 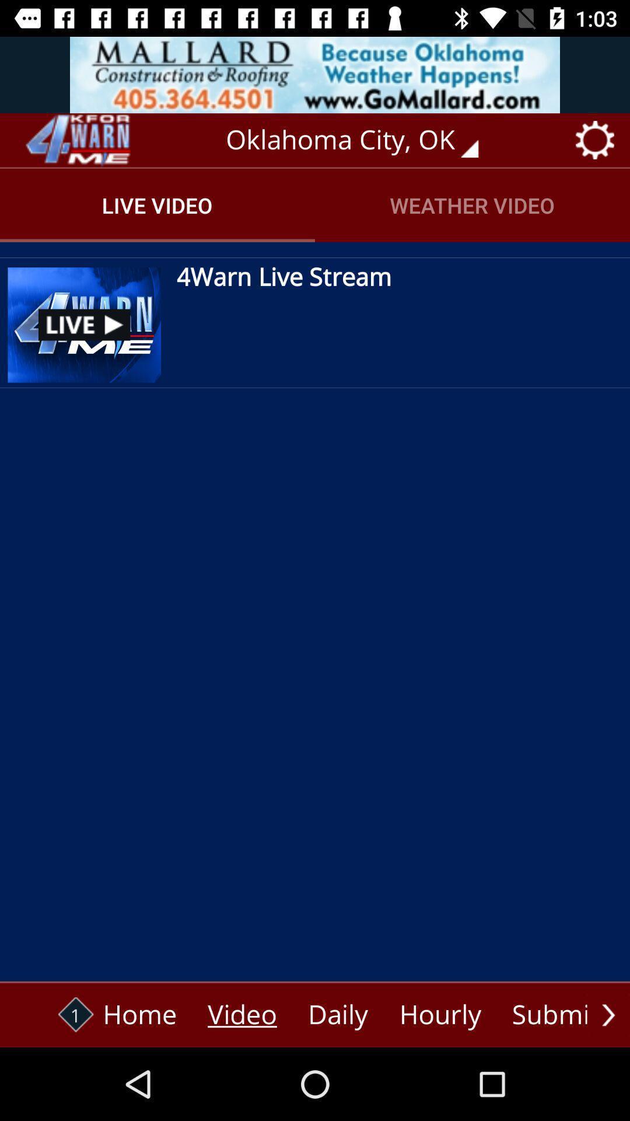 I want to click on oklahoma city, ok, so click(x=360, y=140).